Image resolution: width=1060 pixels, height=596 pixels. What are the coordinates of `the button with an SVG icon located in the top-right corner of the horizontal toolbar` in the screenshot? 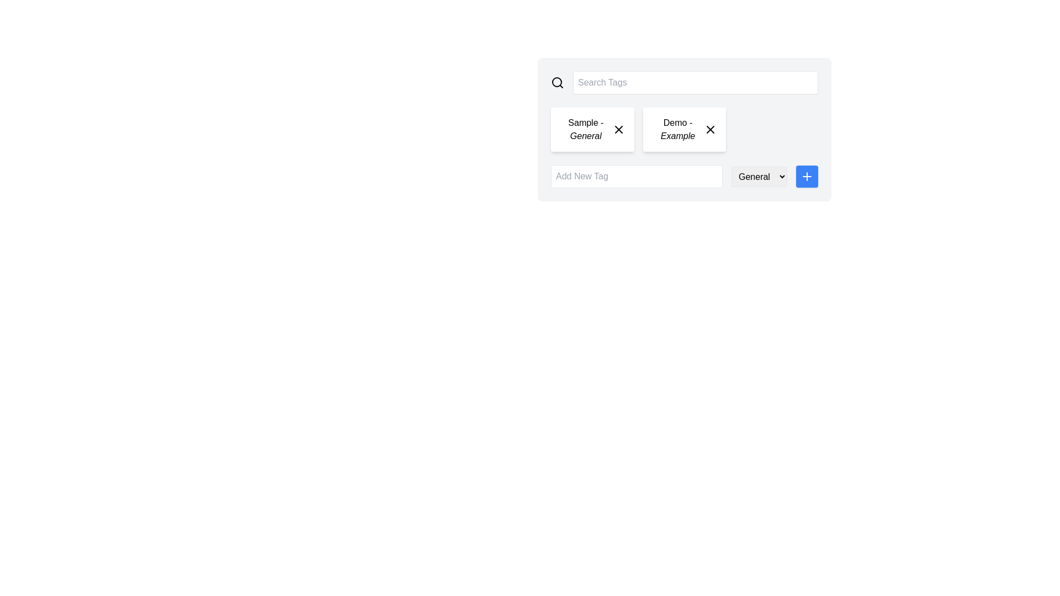 It's located at (807, 176).